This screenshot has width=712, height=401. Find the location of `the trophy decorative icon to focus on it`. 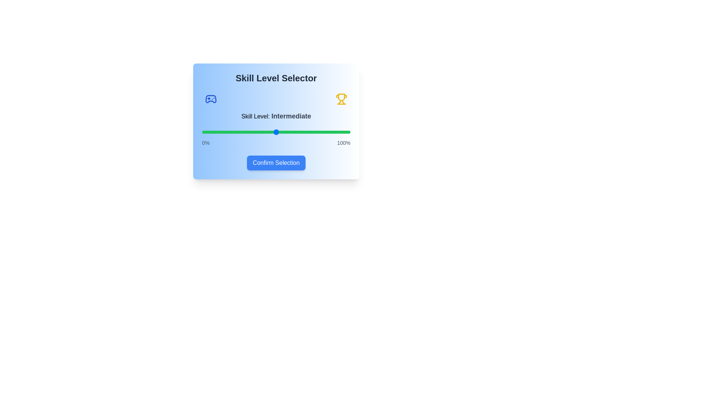

the trophy decorative icon to focus on it is located at coordinates (341, 98).